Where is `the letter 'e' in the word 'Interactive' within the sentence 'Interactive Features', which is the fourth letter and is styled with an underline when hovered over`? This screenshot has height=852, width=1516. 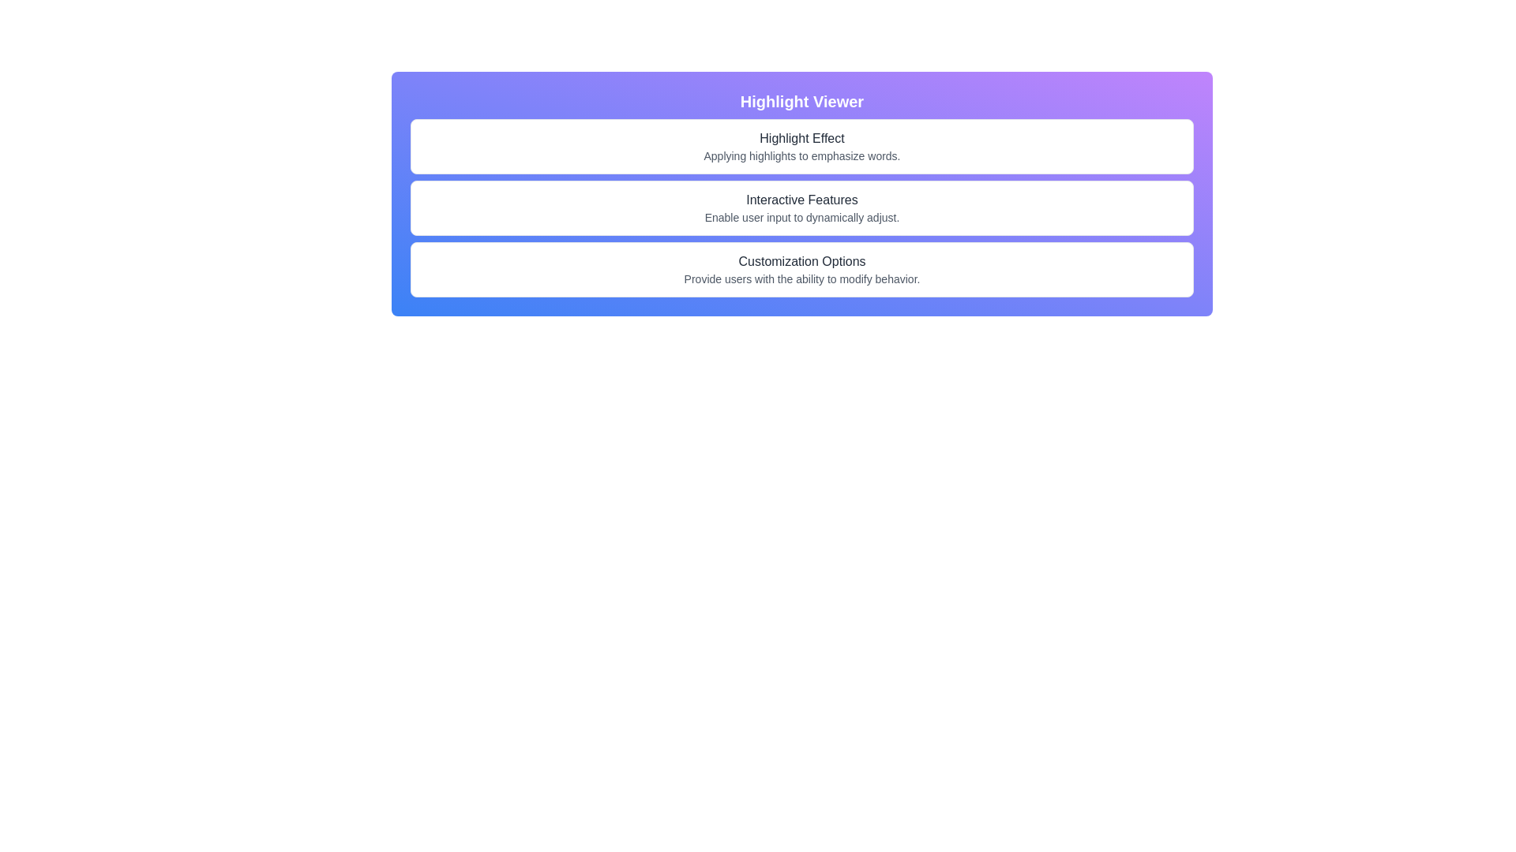 the letter 'e' in the word 'Interactive' within the sentence 'Interactive Features', which is the fourth letter and is styled with an underline when hovered over is located at coordinates (764, 199).